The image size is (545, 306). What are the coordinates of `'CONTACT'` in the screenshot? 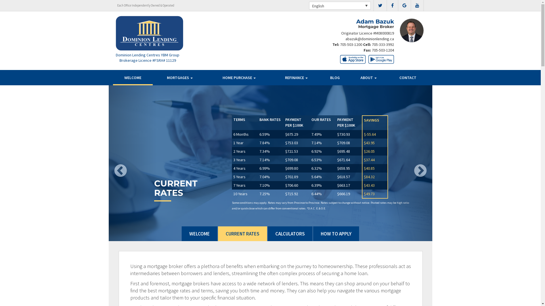 It's located at (408, 77).